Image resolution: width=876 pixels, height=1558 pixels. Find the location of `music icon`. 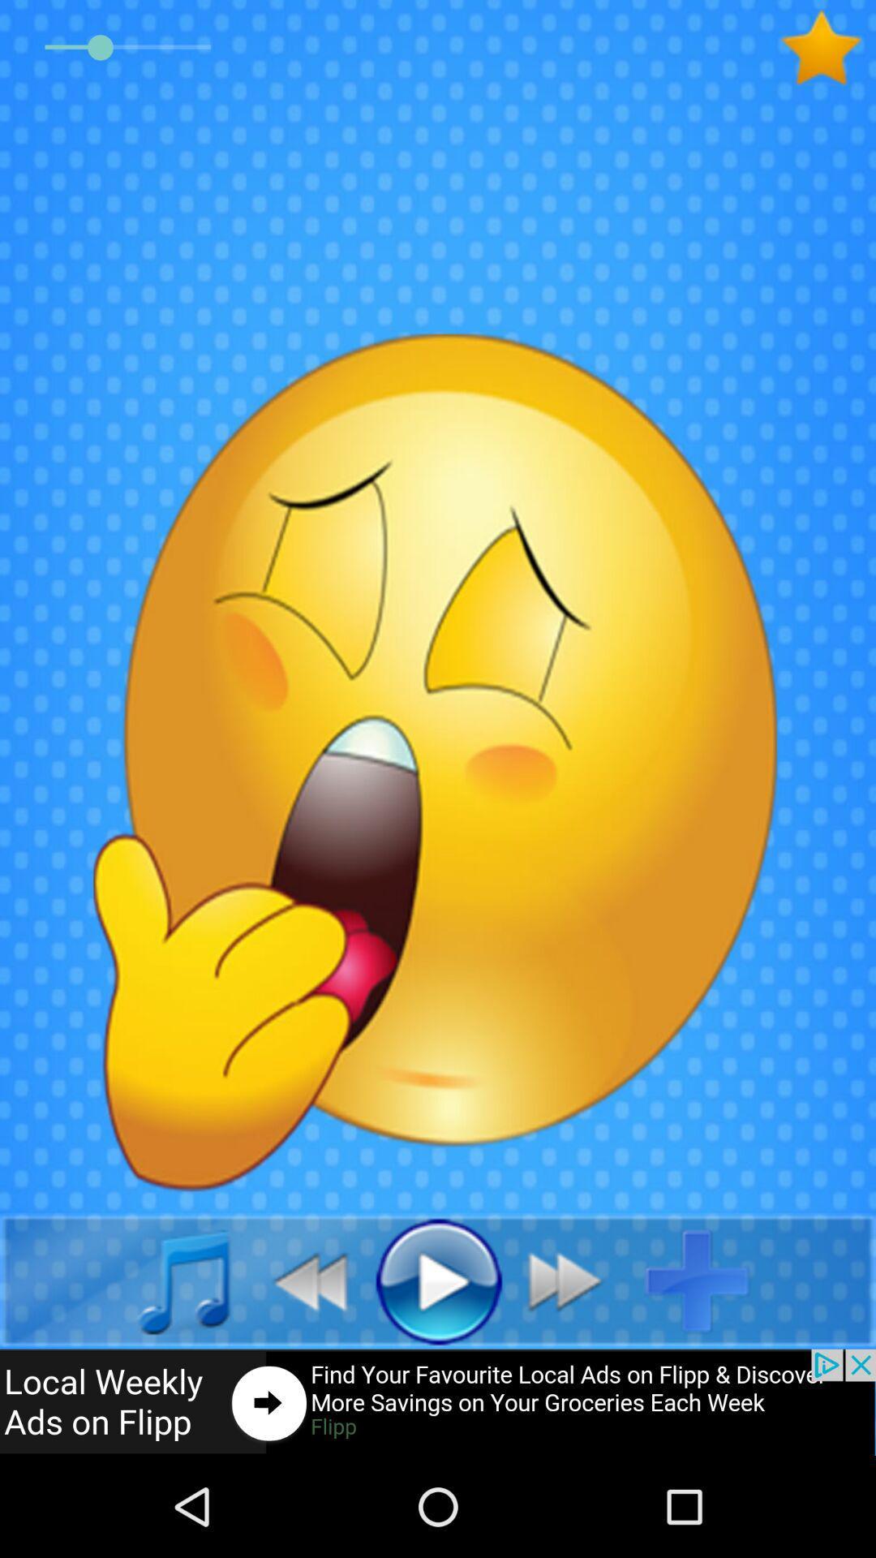

music icon is located at coordinates (165, 1280).